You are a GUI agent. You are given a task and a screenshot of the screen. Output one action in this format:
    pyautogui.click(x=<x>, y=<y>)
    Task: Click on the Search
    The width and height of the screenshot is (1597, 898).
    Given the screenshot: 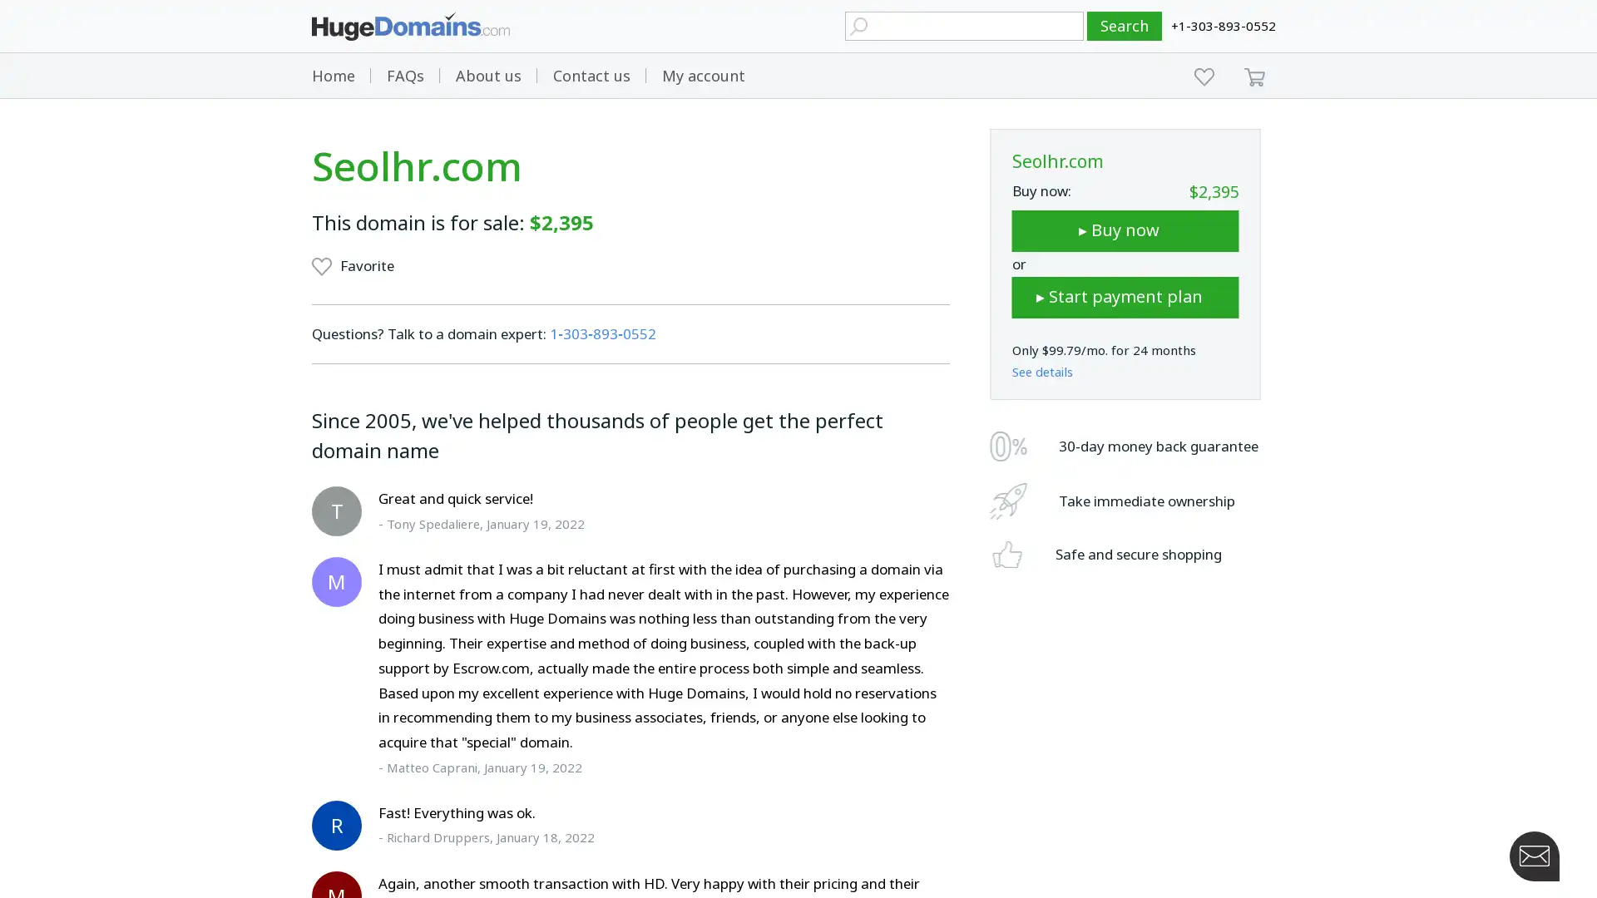 What is the action you would take?
    pyautogui.click(x=1125, y=26)
    